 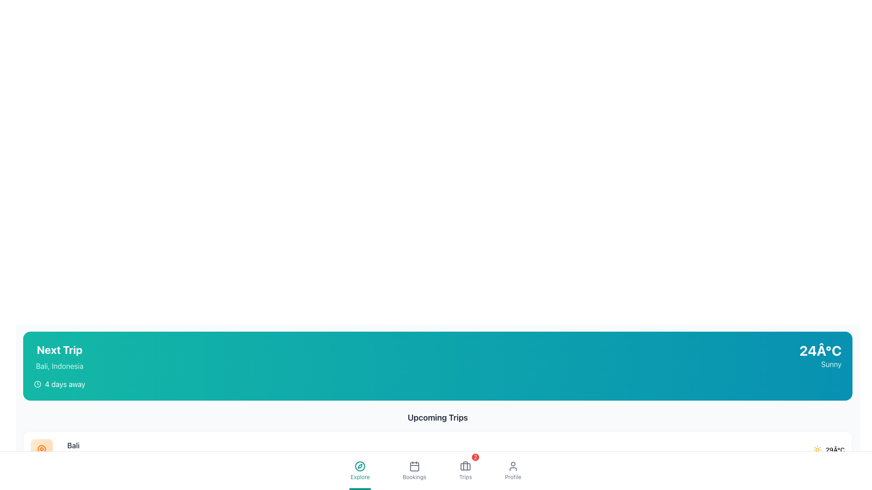 I want to click on the calendar icon in the navigation menu, which is the second item from the left and associated with the label 'Bookings', so click(x=414, y=466).